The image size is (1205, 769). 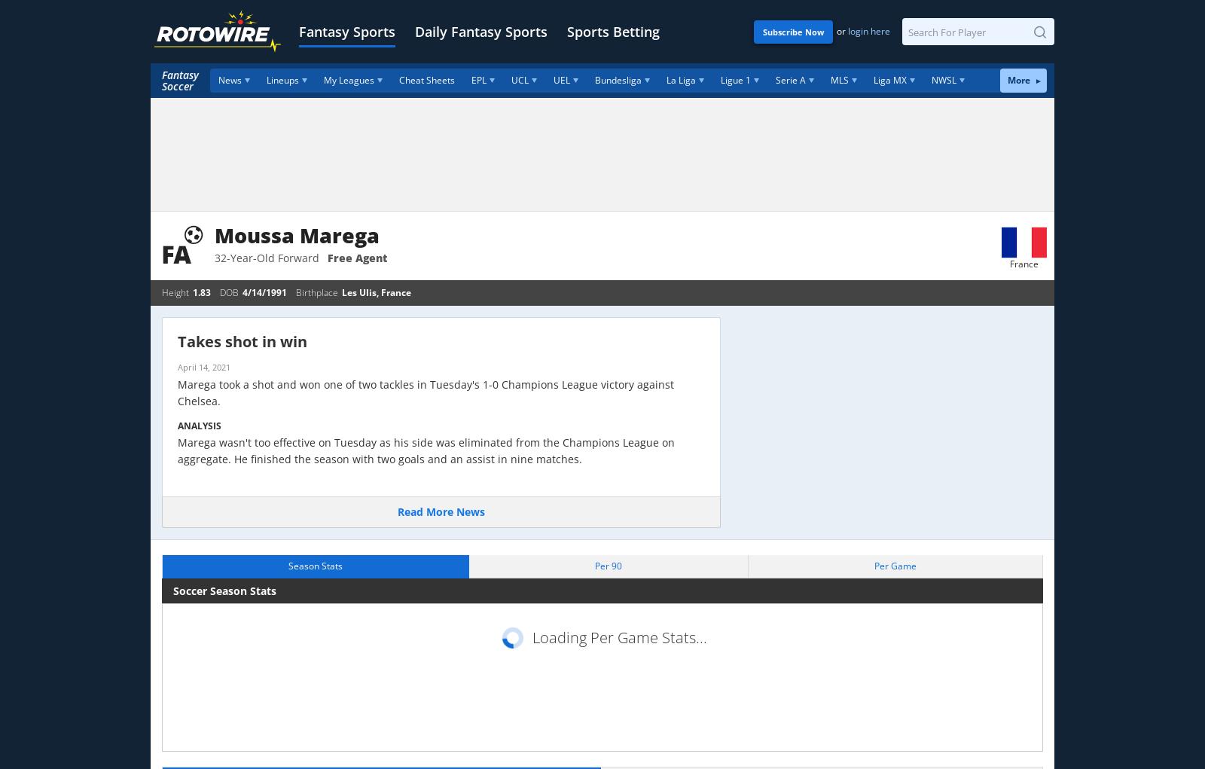 What do you see at coordinates (230, 79) in the screenshot?
I see `'News'` at bounding box center [230, 79].